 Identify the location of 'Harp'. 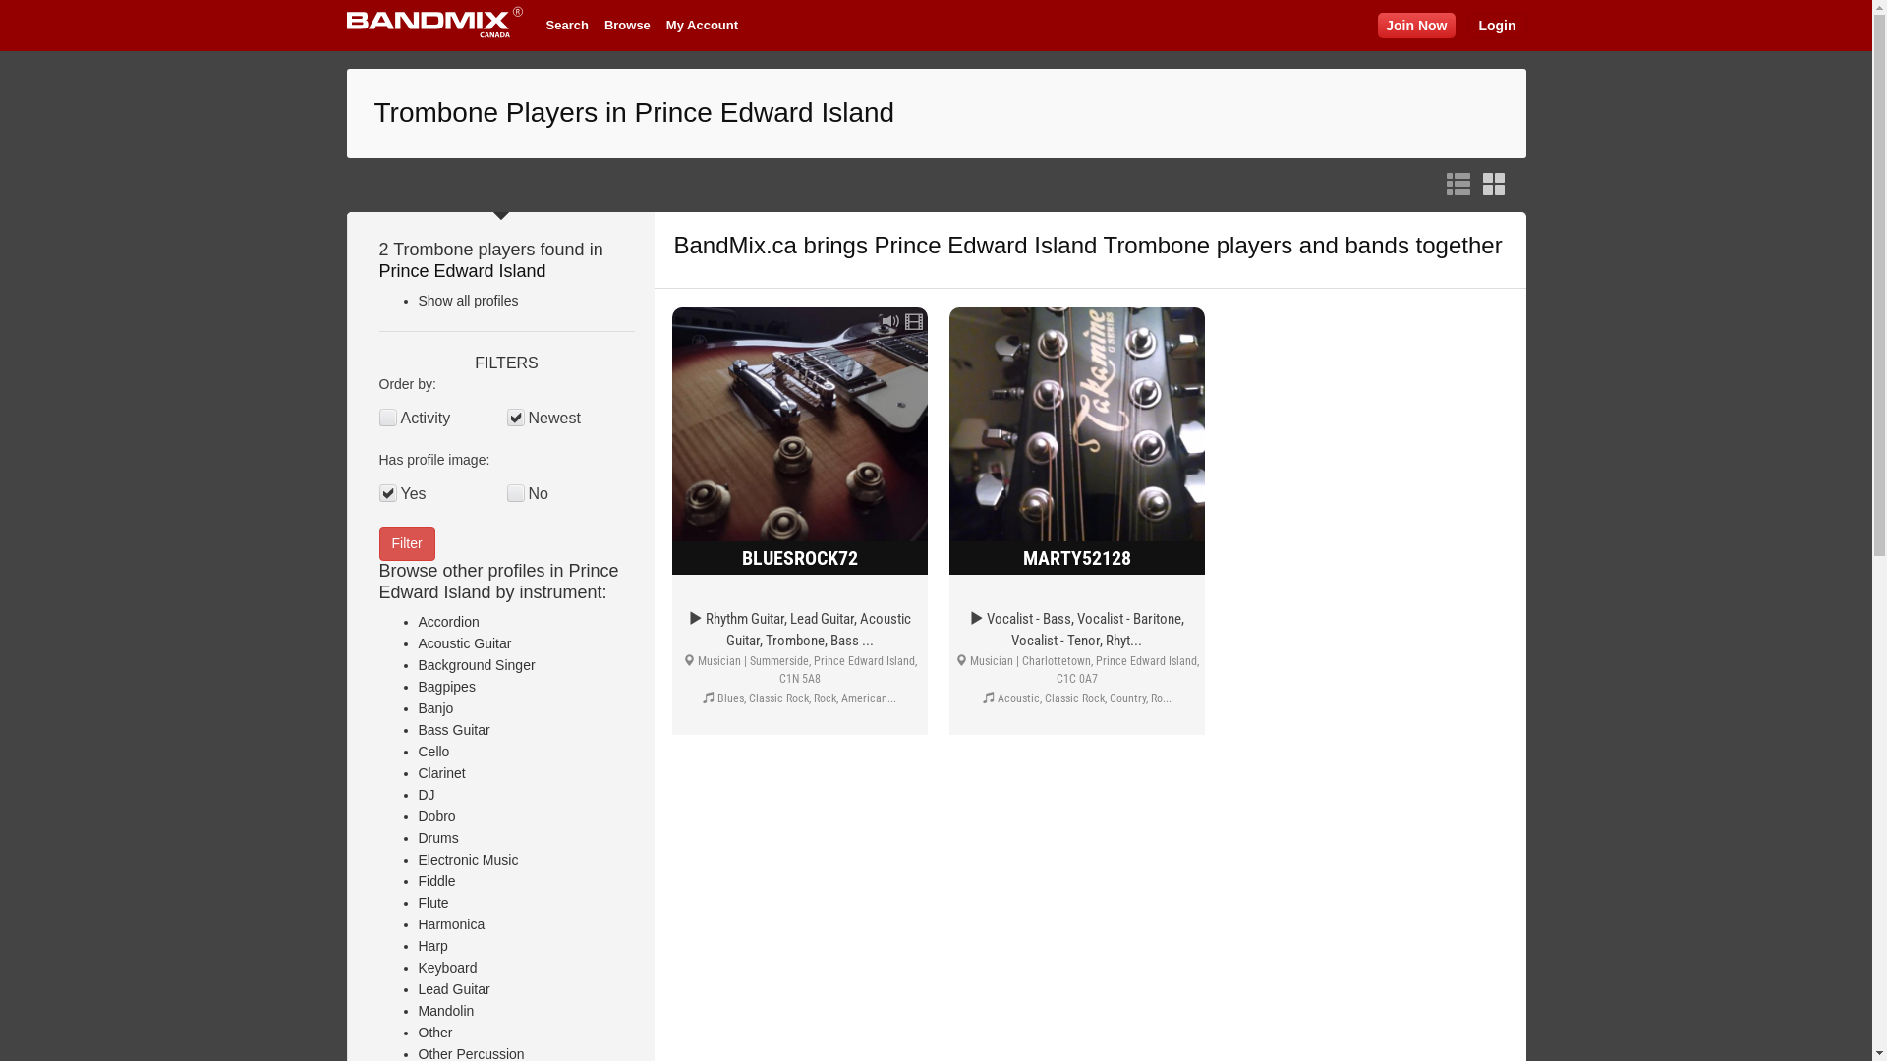
(418, 945).